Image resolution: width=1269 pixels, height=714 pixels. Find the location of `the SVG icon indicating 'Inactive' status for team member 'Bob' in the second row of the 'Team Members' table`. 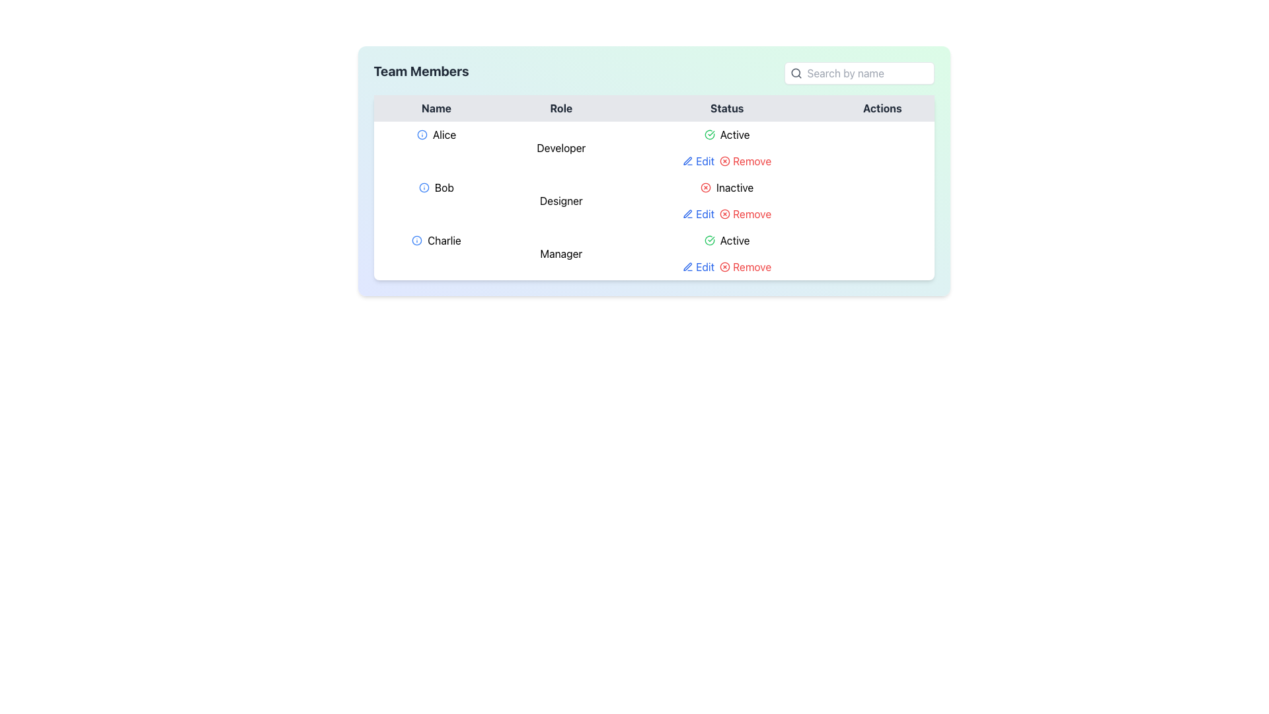

the SVG icon indicating 'Inactive' status for team member 'Bob' in the second row of the 'Team Members' table is located at coordinates (705, 188).